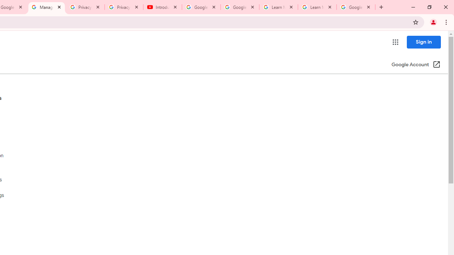  Describe the element at coordinates (162, 7) in the screenshot. I see `'Introduction | Google Privacy Policy - YouTube'` at that location.